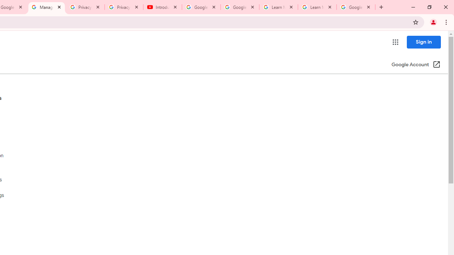  Describe the element at coordinates (162, 7) in the screenshot. I see `'Introduction | Google Privacy Policy - YouTube'` at that location.